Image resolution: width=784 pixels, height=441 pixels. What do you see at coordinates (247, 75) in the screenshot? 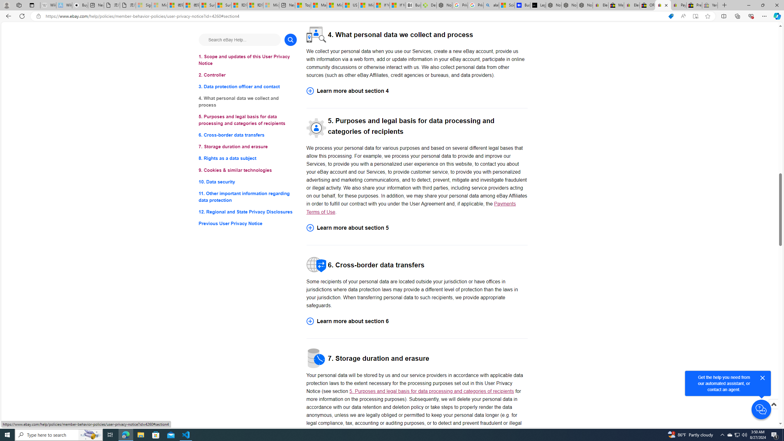
I see `'2. Controller'` at bounding box center [247, 75].